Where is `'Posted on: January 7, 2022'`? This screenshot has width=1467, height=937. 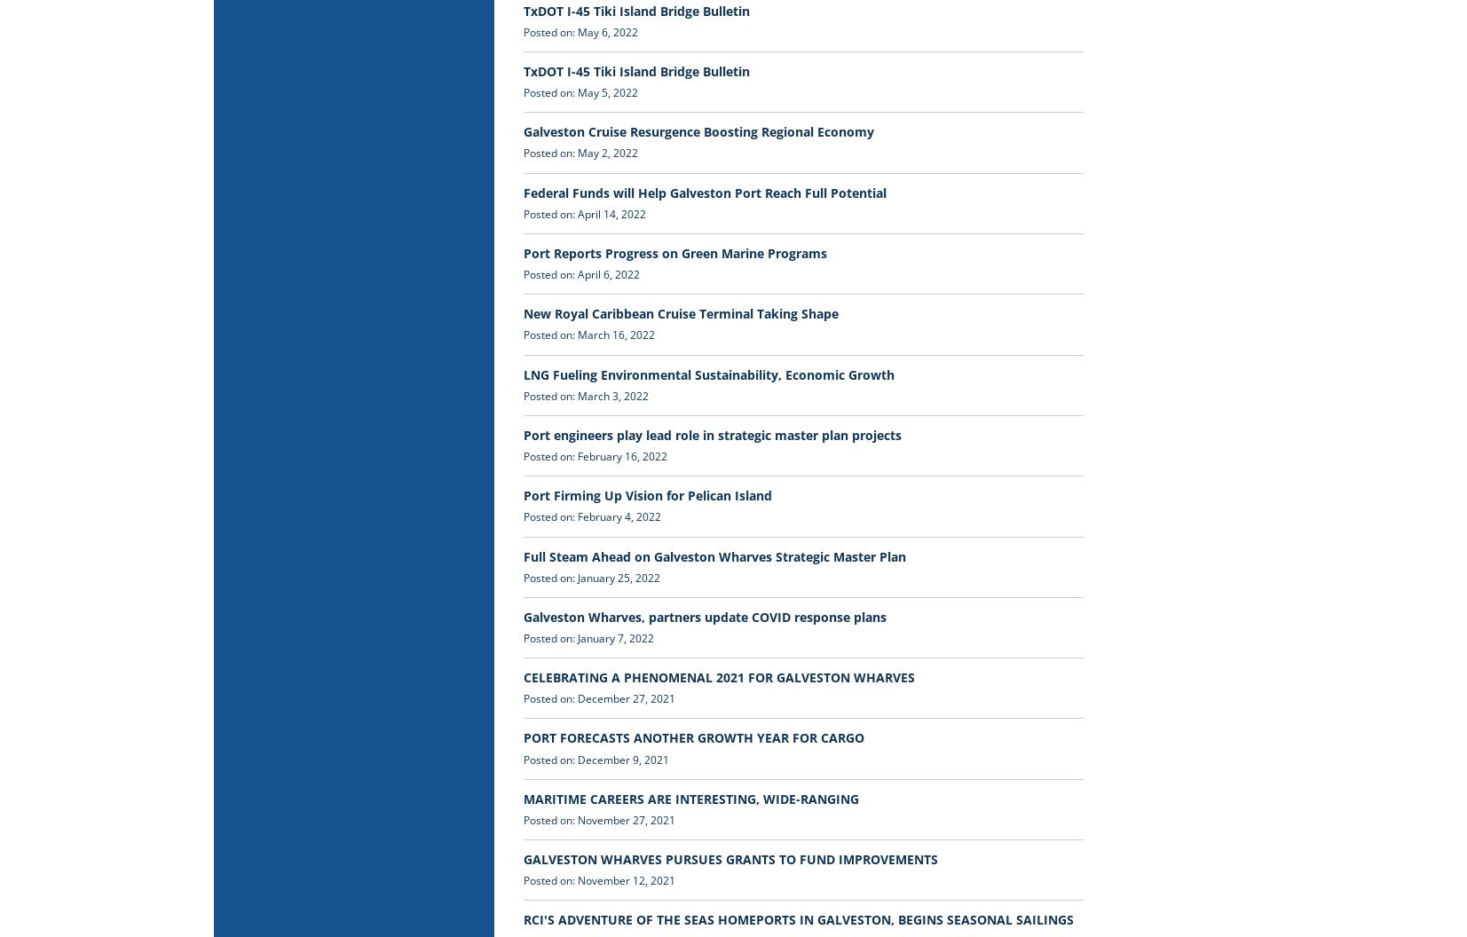
'Posted on: January 7, 2022' is located at coordinates (588, 637).